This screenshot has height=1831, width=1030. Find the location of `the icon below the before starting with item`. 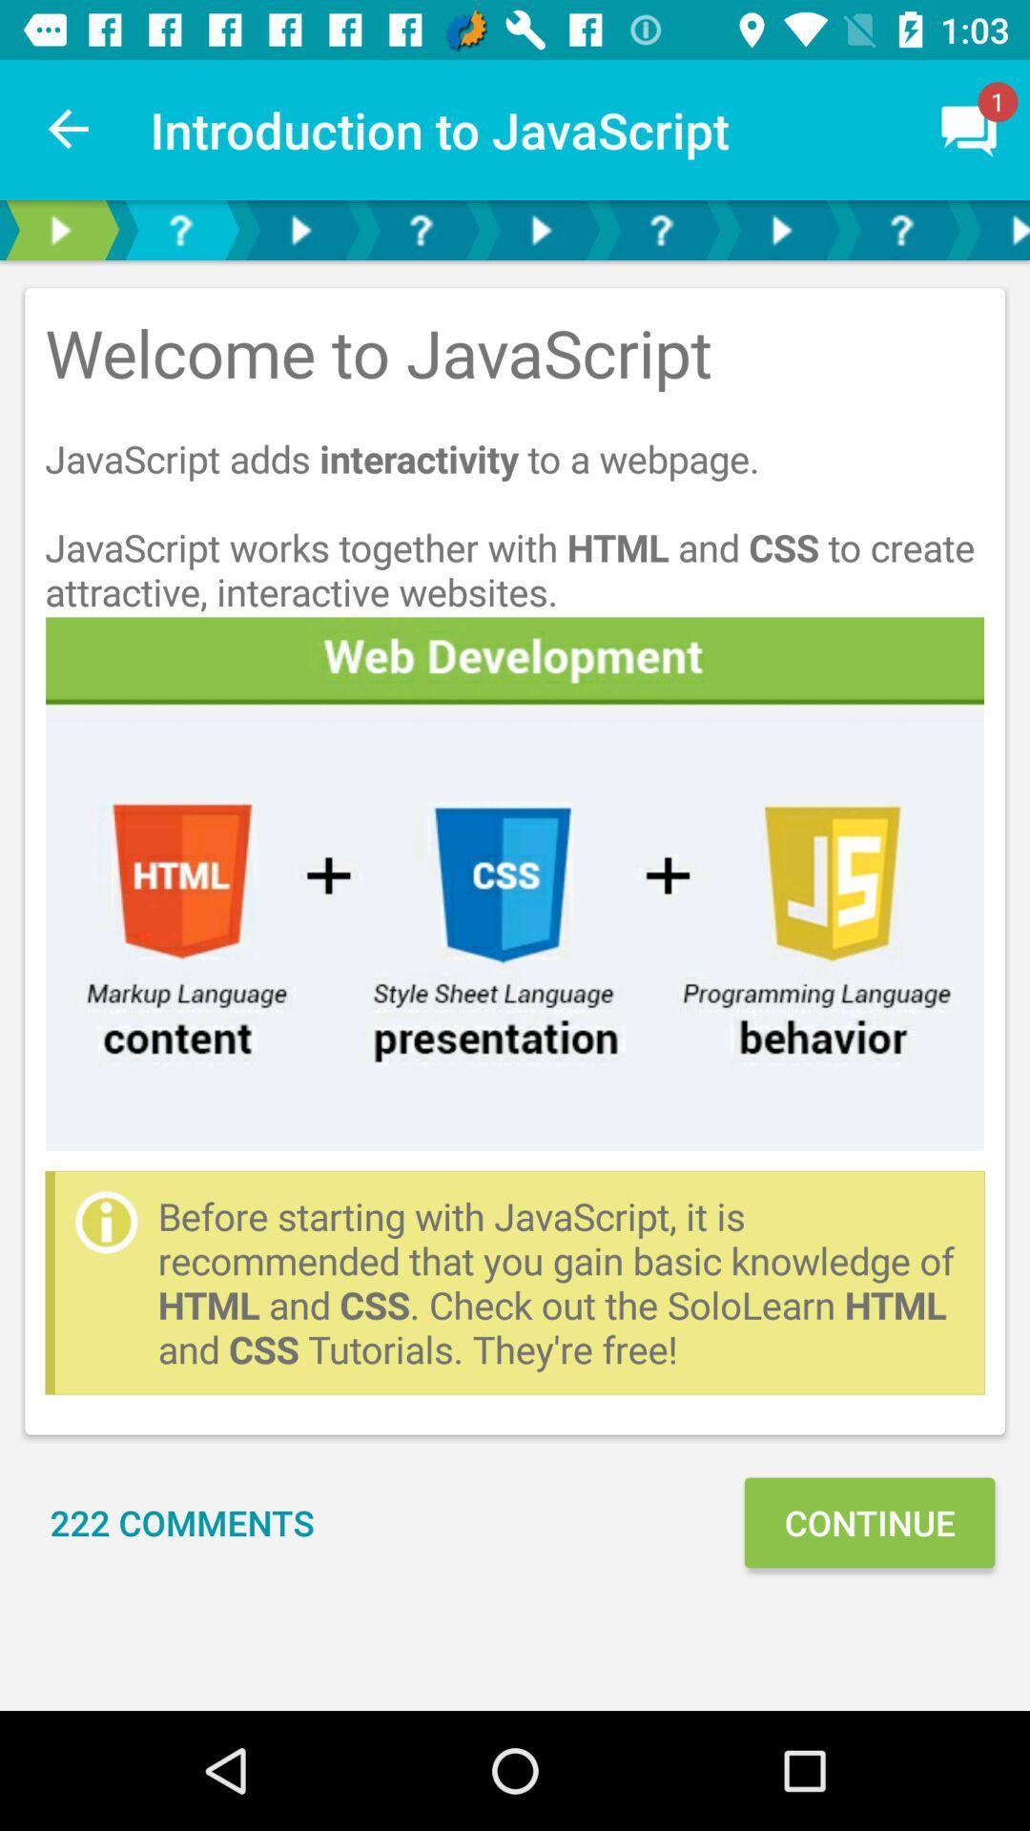

the icon below the before starting with item is located at coordinates (869, 1521).